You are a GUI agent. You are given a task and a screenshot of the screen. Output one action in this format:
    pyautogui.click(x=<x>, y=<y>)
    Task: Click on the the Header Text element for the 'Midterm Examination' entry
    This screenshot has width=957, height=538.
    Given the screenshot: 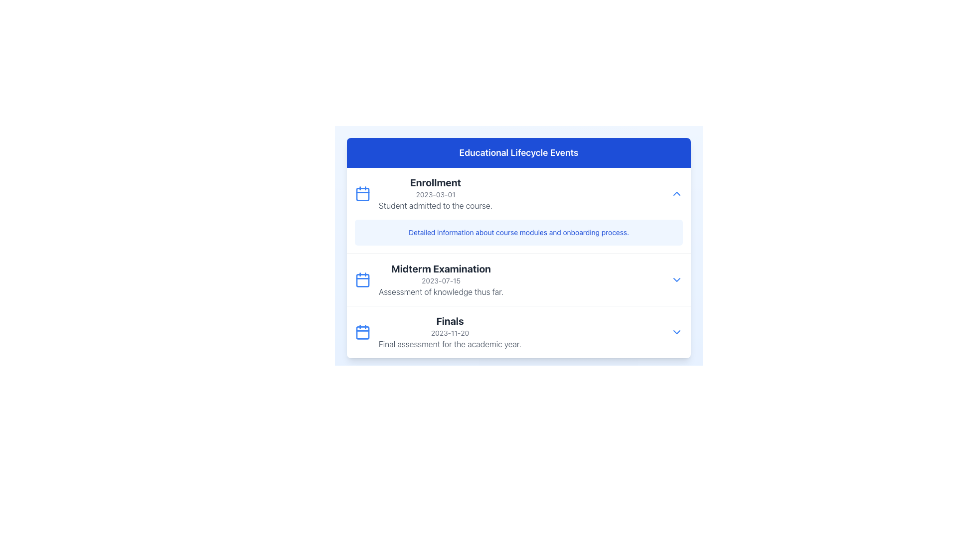 What is the action you would take?
    pyautogui.click(x=441, y=269)
    